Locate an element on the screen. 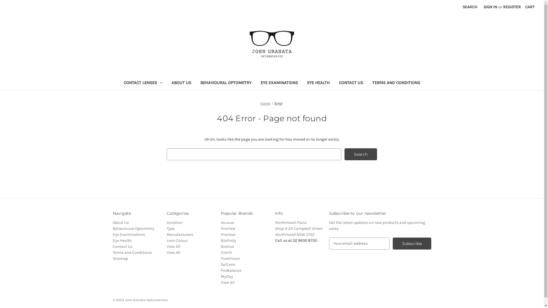 This screenshot has width=548, height=308. 'PureVision' is located at coordinates (230, 258).